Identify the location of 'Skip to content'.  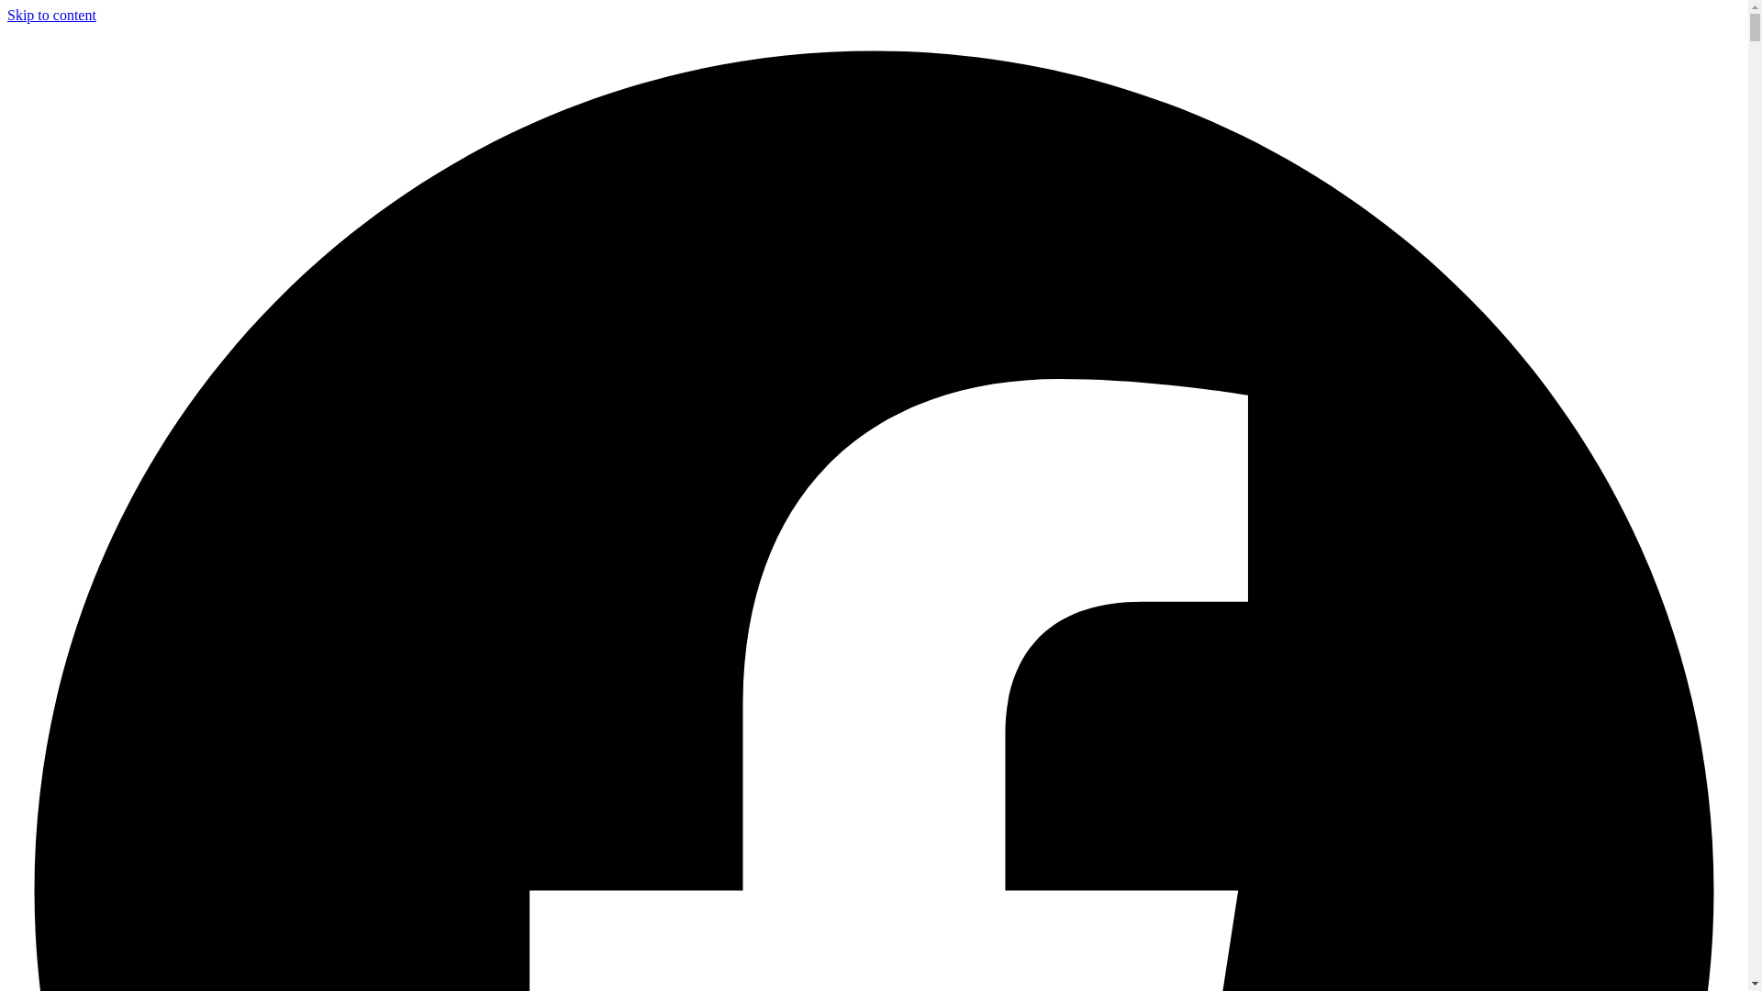
(51, 15).